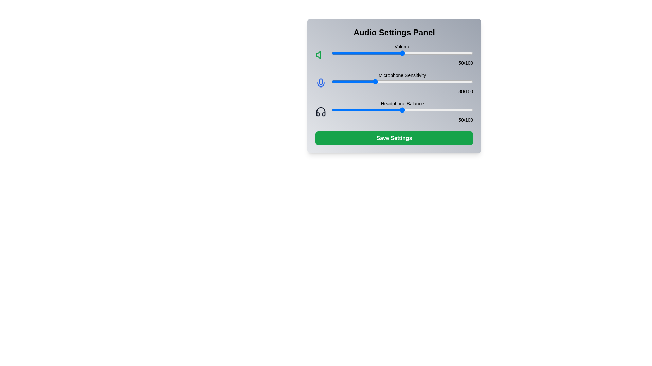 The height and width of the screenshot is (366, 652). I want to click on microphone sensitivity, so click(334, 81).